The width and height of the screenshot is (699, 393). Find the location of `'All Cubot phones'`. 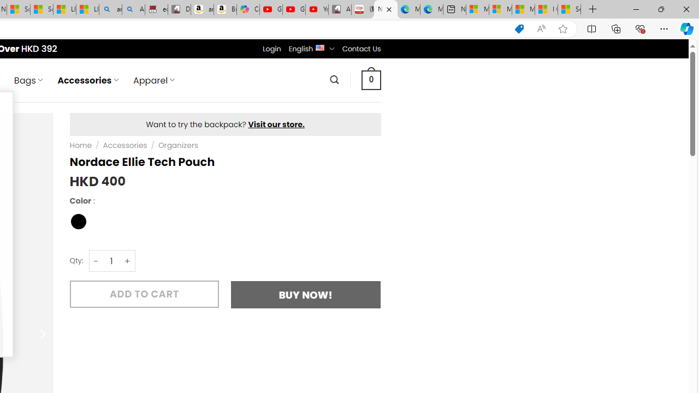

'All Cubot phones' is located at coordinates (339, 9).